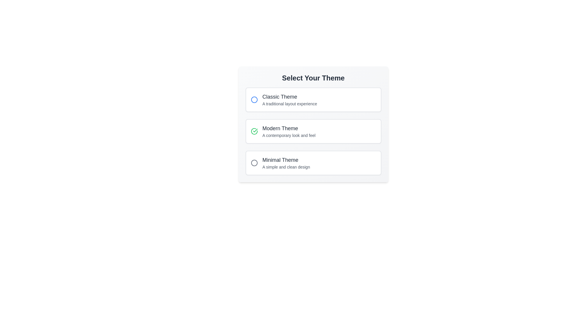 The height and width of the screenshot is (316, 562). What do you see at coordinates (254, 99) in the screenshot?
I see `the circular icon representing the 'Classic Theme' option, which is located to the left of the label 'Classic Theme'` at bounding box center [254, 99].